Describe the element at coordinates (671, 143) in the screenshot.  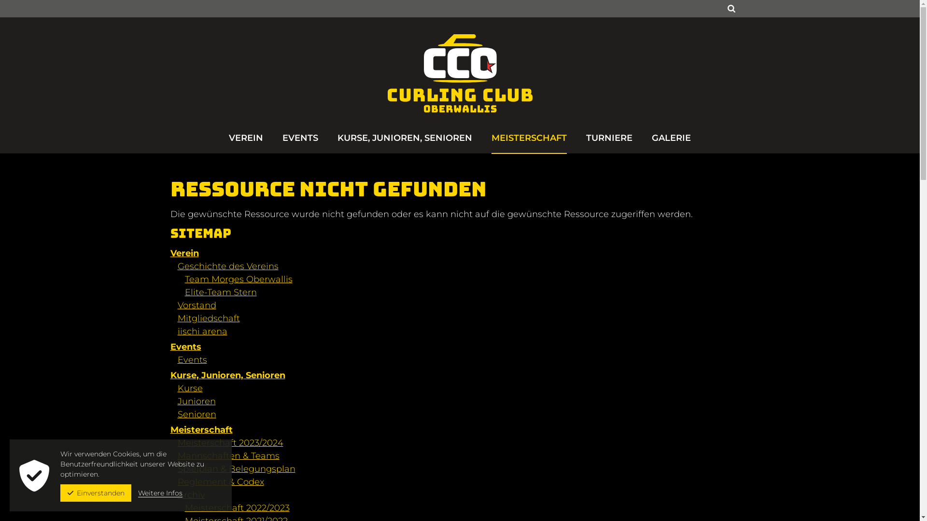
I see `'GALERIE'` at that location.